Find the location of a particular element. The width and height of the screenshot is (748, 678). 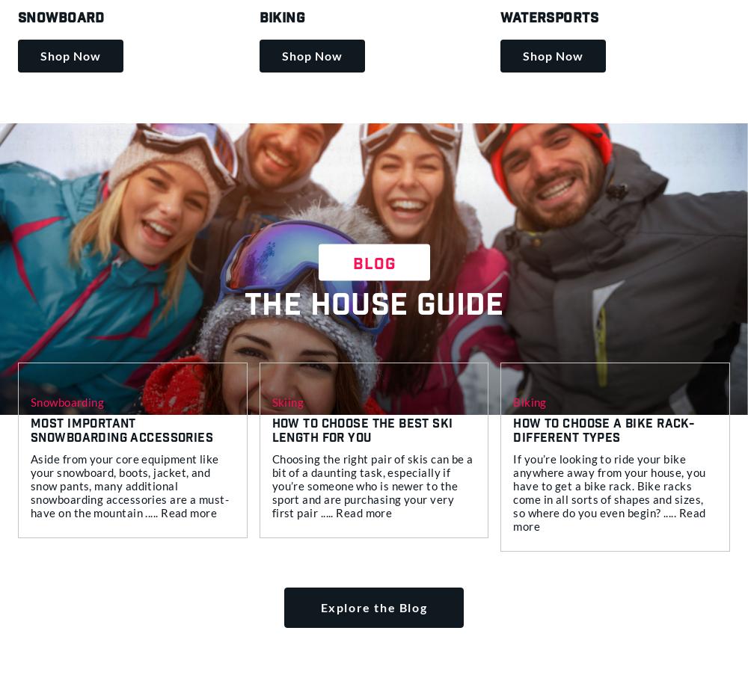

'How to Choose a Bike Rack-Different Types' is located at coordinates (604, 431).